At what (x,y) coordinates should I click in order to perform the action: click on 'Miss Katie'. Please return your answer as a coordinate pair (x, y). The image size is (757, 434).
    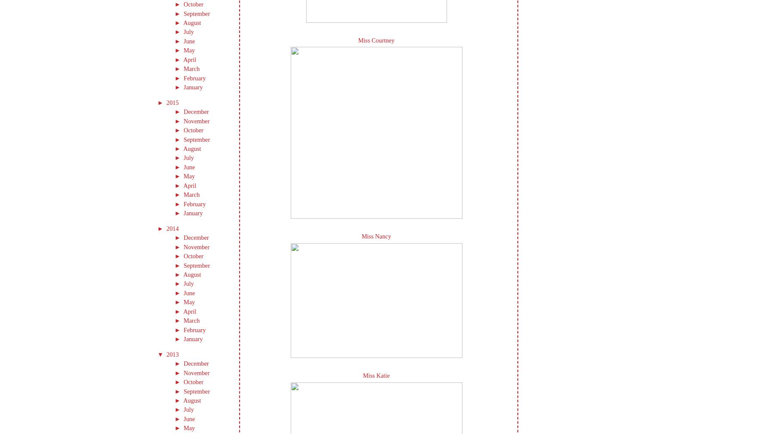
    Looking at the image, I should click on (363, 375).